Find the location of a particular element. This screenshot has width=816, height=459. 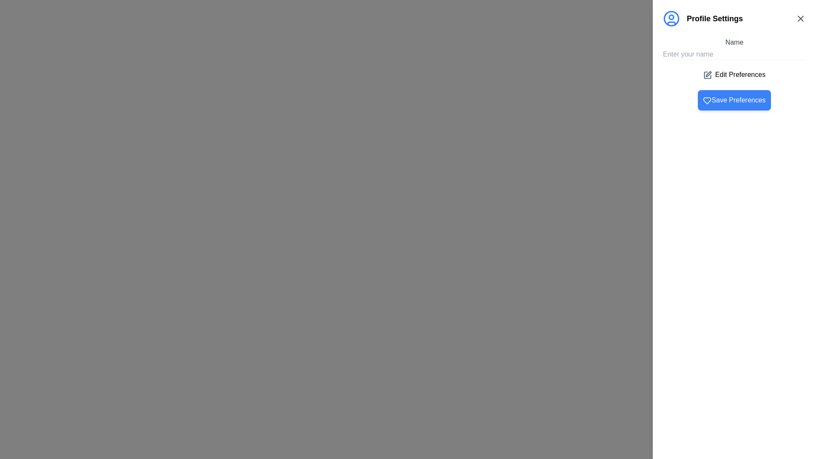

the 'Profile Settings' label, which is styled in black, bold font and positioned beside a blue circular user icon at the top-left of the right-aligned panel is located at coordinates (703, 18).